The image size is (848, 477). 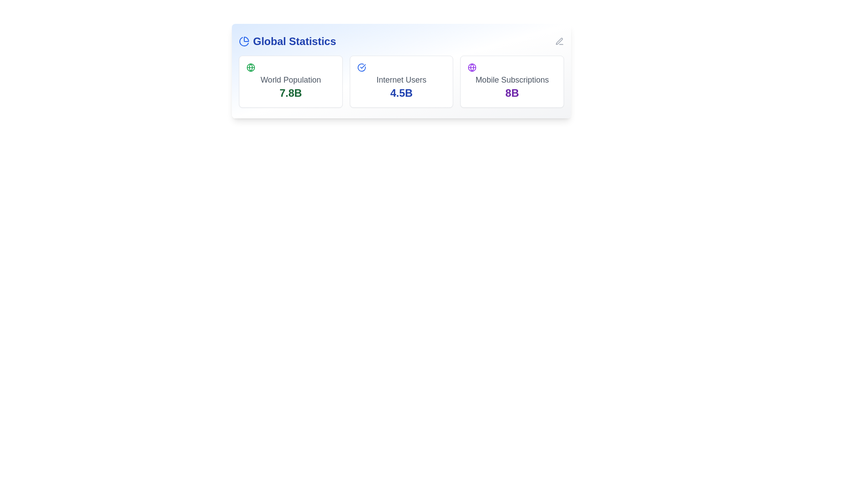 I want to click on the upper segment of the pie chart icon with a light blue outline located in the top-left corner of the 'Global Statistics' card, so click(x=246, y=38).